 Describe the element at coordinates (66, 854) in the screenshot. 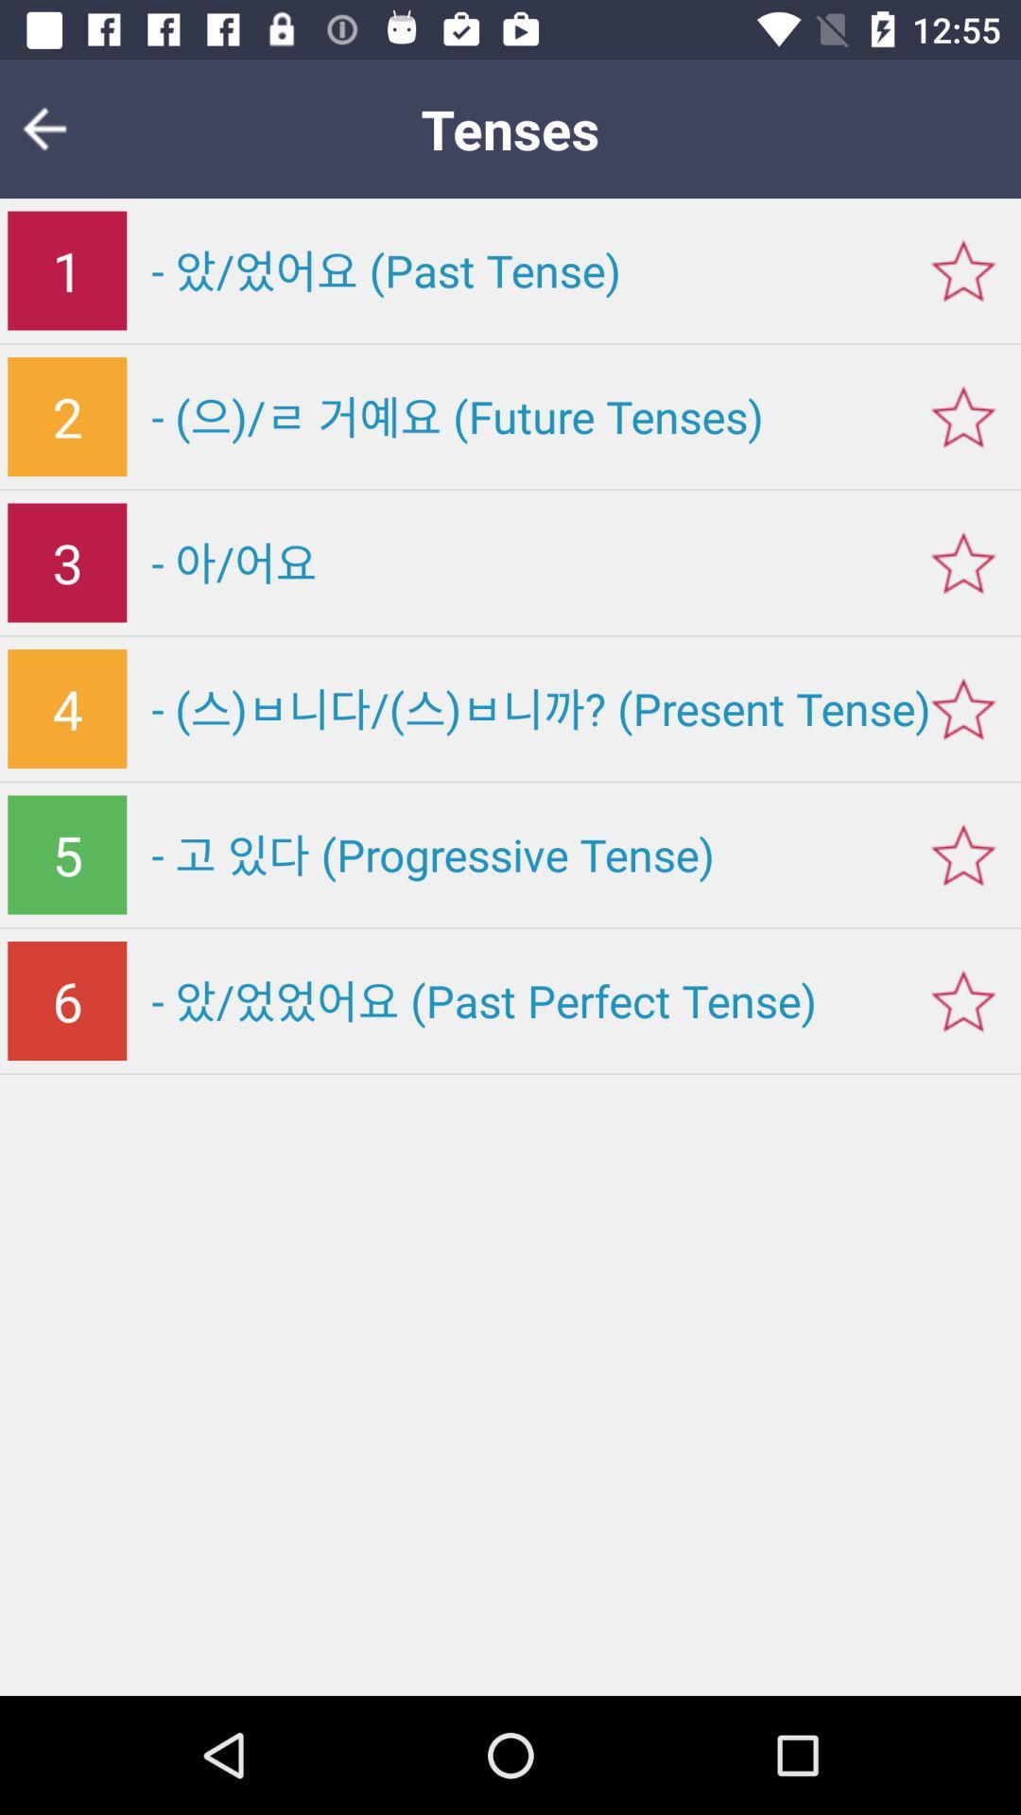

I see `5 item` at that location.